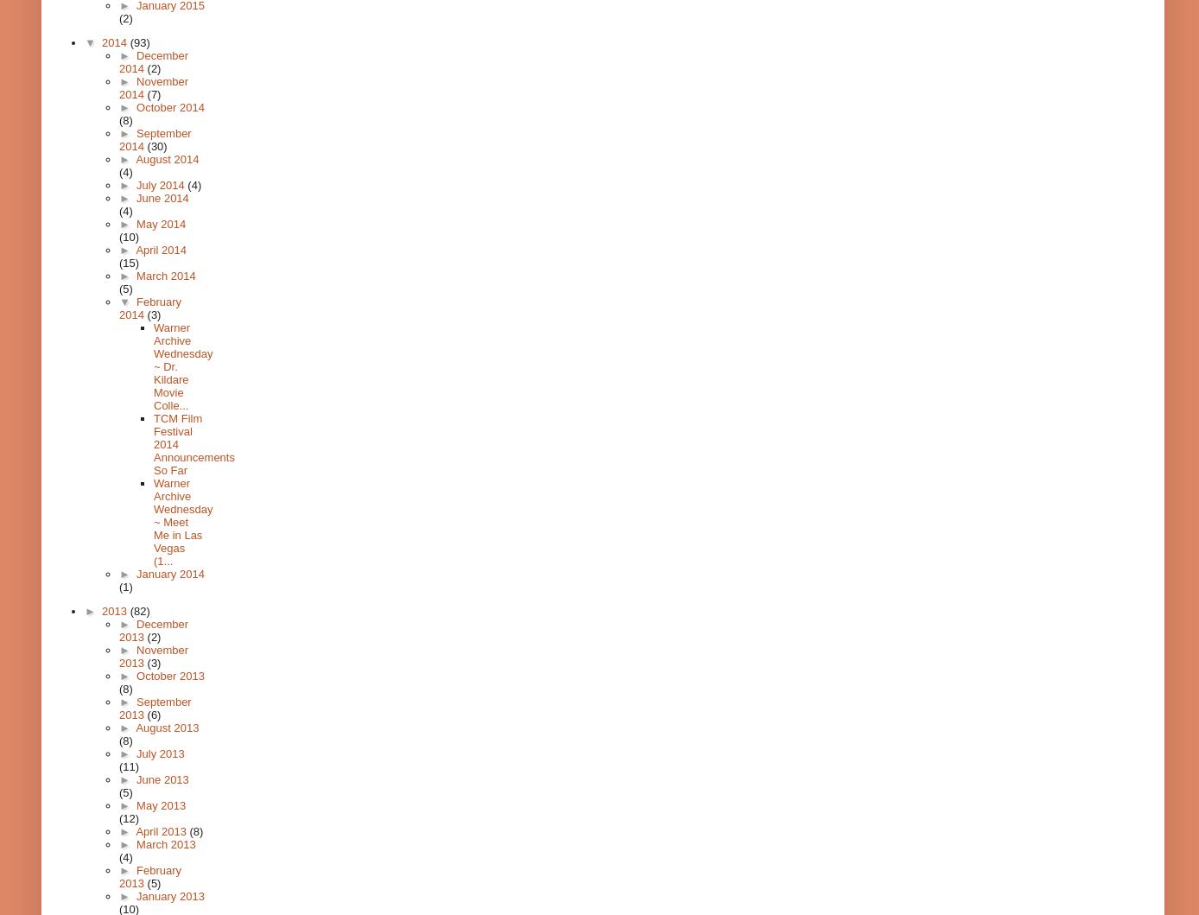 The height and width of the screenshot is (915, 1199). Describe the element at coordinates (115, 611) in the screenshot. I see `'2013'` at that location.